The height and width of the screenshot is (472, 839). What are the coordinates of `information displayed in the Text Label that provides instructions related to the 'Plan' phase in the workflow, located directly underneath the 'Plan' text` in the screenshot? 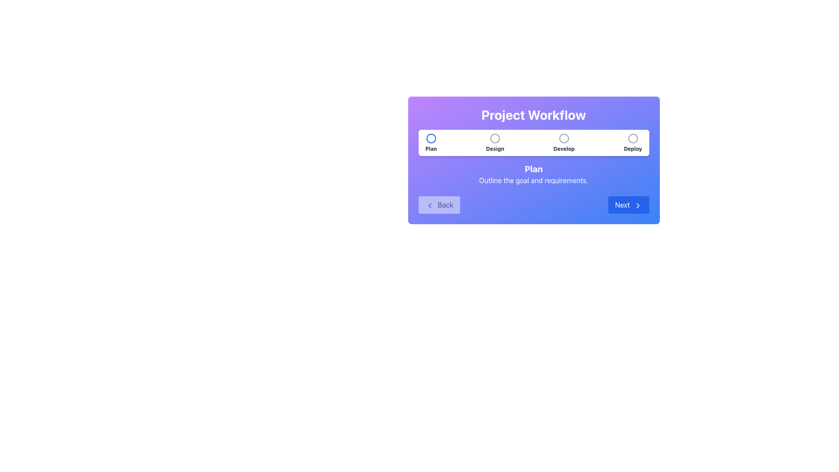 It's located at (533, 180).